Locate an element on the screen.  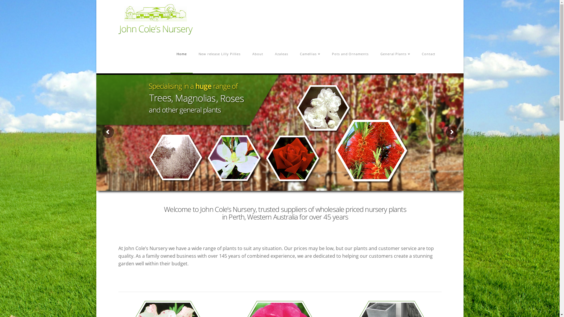
'About' is located at coordinates (258, 53).